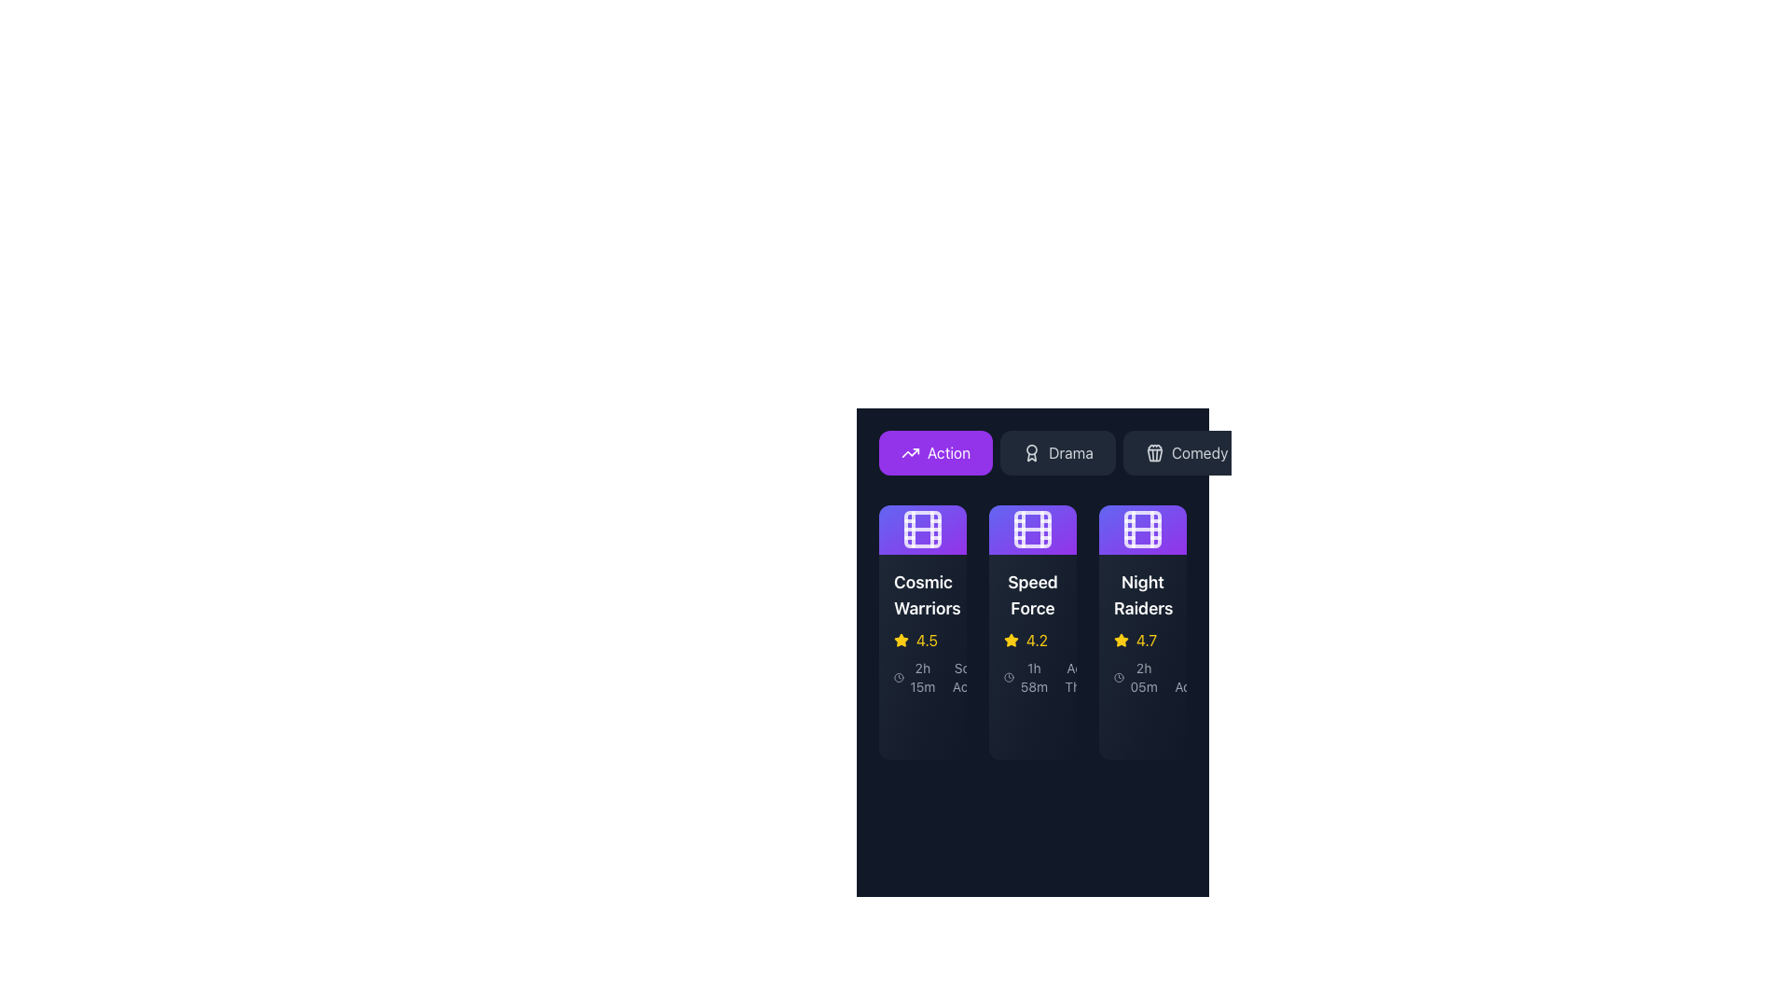  I want to click on the 'Cosmic Warriors' movie listing card, which features a purple filmstrip icon at the top and displays a rating of '4.5' in yellow, so click(922, 631).